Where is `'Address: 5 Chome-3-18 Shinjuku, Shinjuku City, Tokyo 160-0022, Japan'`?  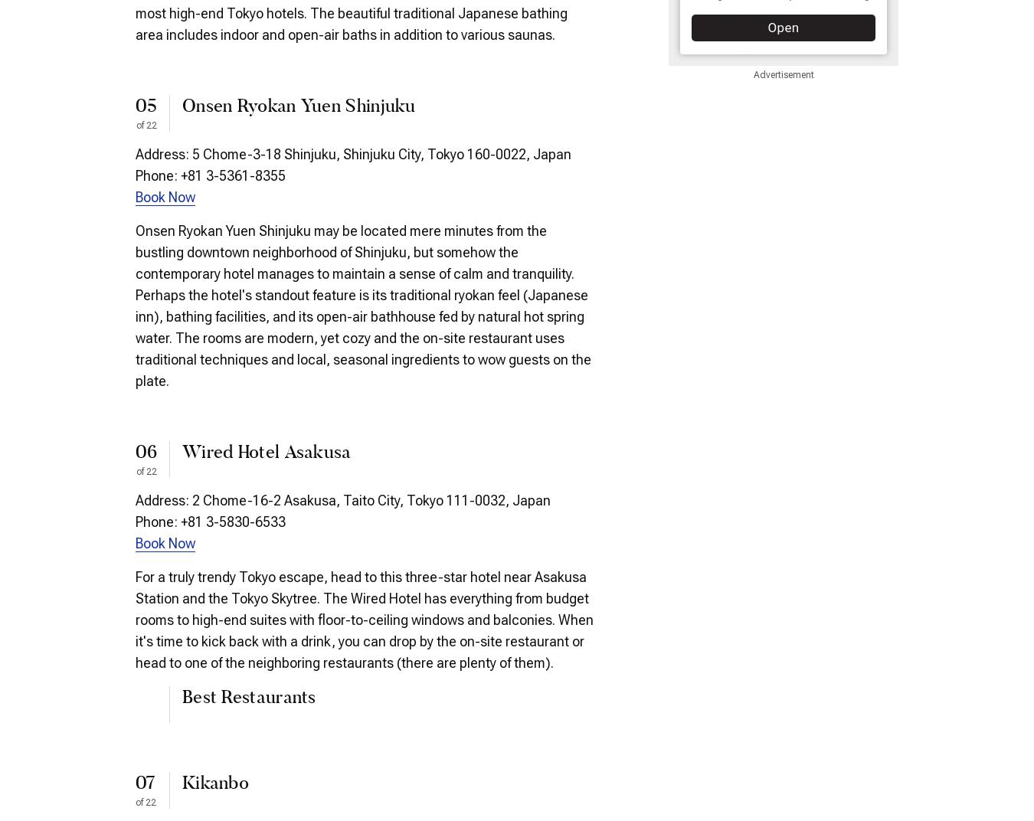 'Address: 5 Chome-3-18 Shinjuku, Shinjuku City, Tokyo 160-0022, Japan' is located at coordinates (352, 152).